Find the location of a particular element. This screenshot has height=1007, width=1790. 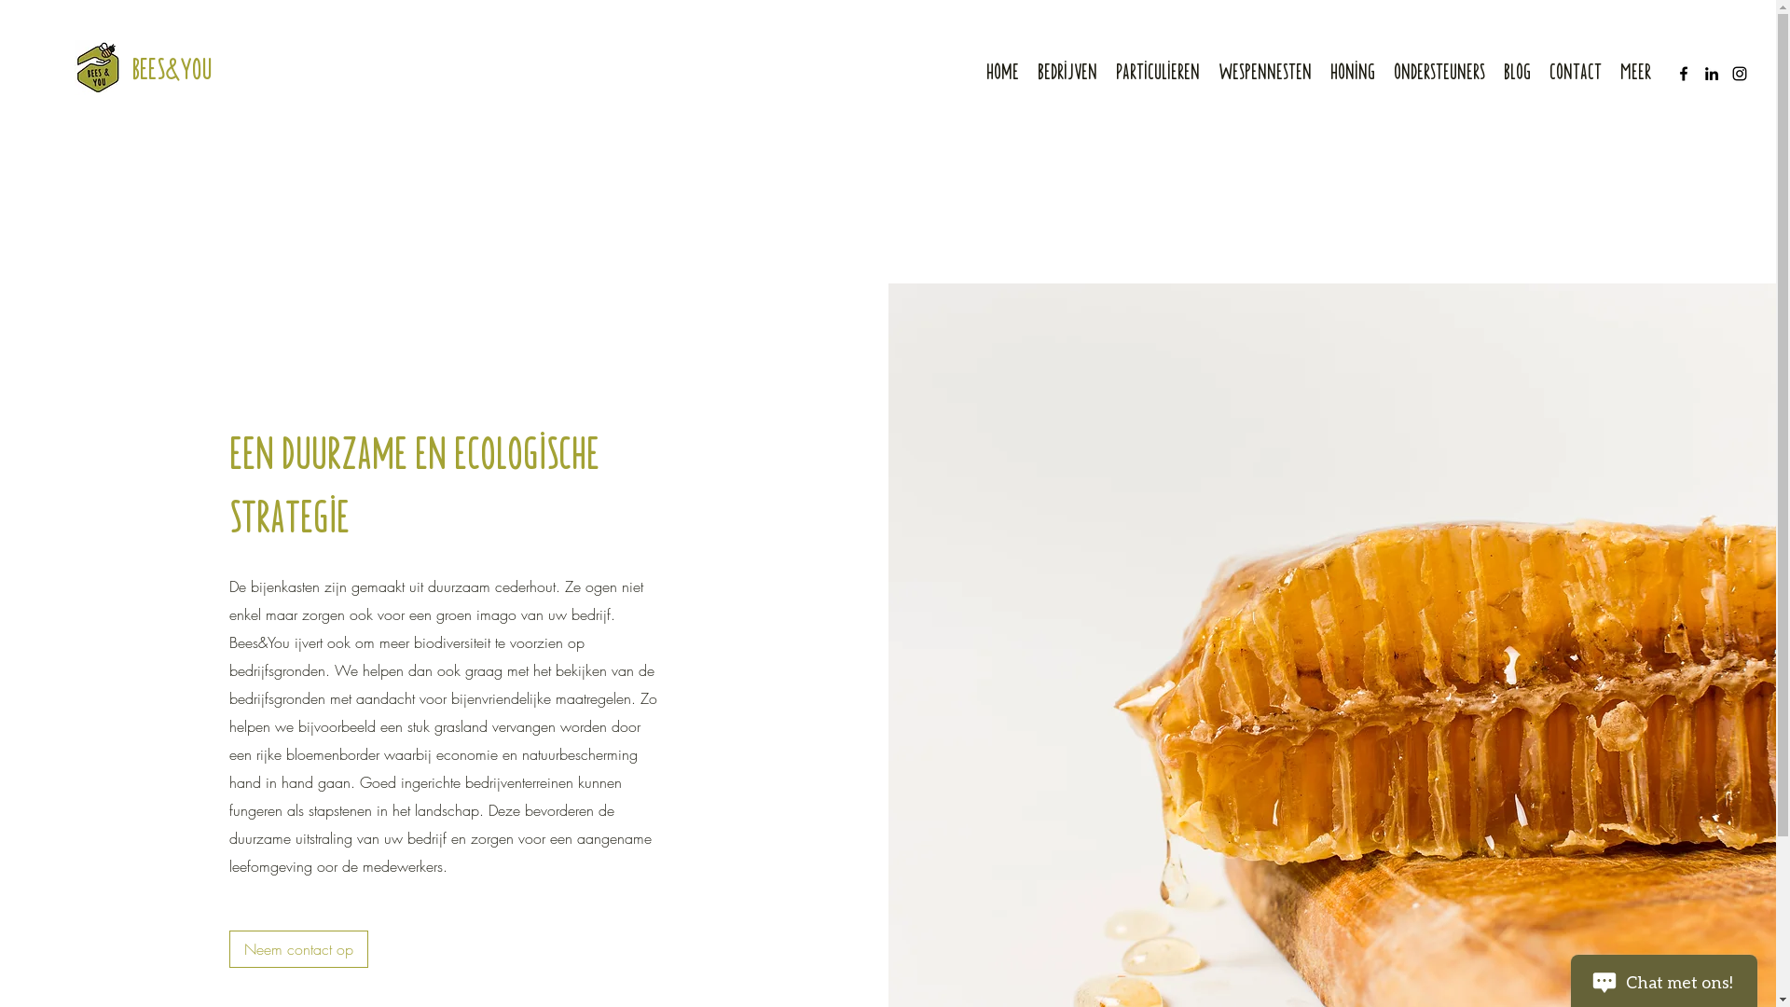

'Home' is located at coordinates (975, 69).